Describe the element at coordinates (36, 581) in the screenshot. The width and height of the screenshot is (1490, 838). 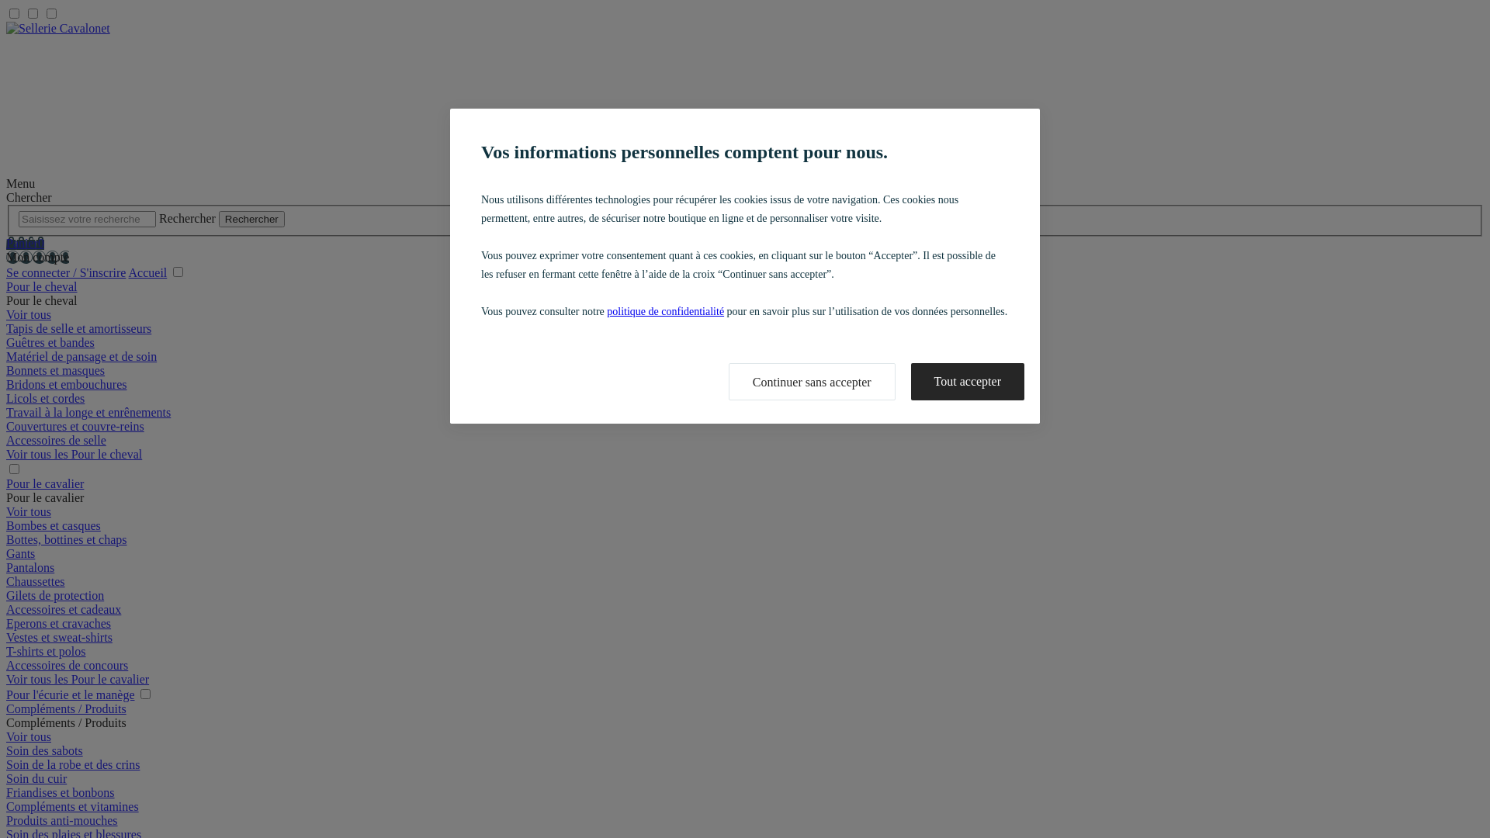
I see `'Chaussettes'` at that location.